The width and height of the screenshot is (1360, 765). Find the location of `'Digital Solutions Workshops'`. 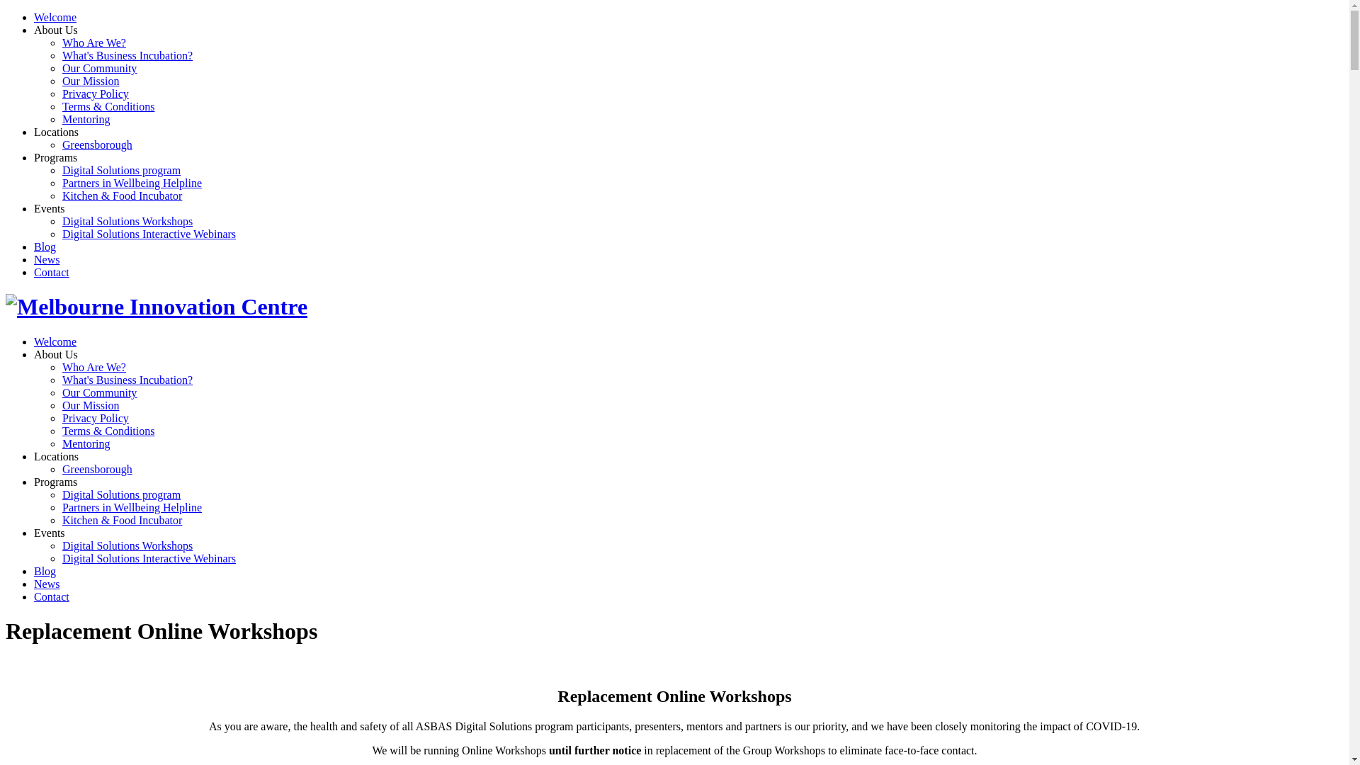

'Digital Solutions Workshops' is located at coordinates (127, 545).